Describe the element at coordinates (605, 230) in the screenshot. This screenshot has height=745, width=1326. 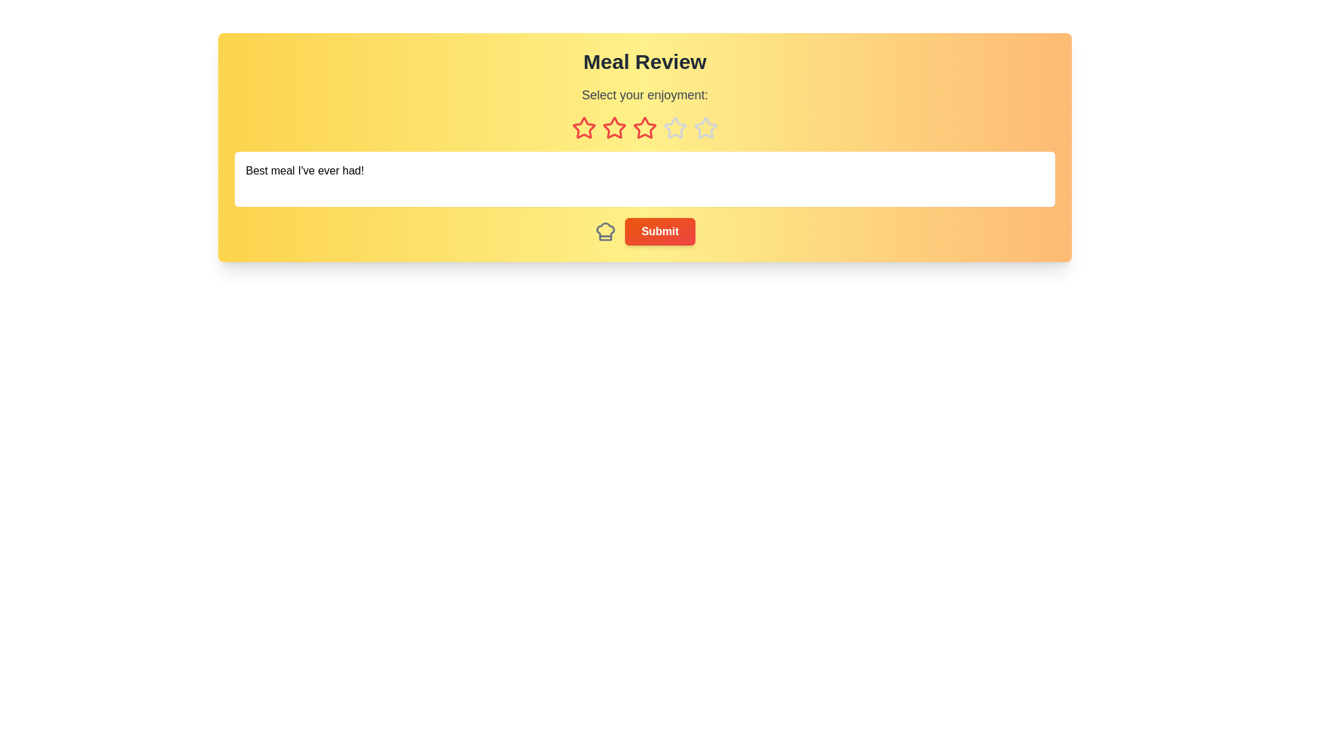
I see `the chef's hat icon with a gray outline and hollow center, positioned to the left of the 'Submit' button` at that location.